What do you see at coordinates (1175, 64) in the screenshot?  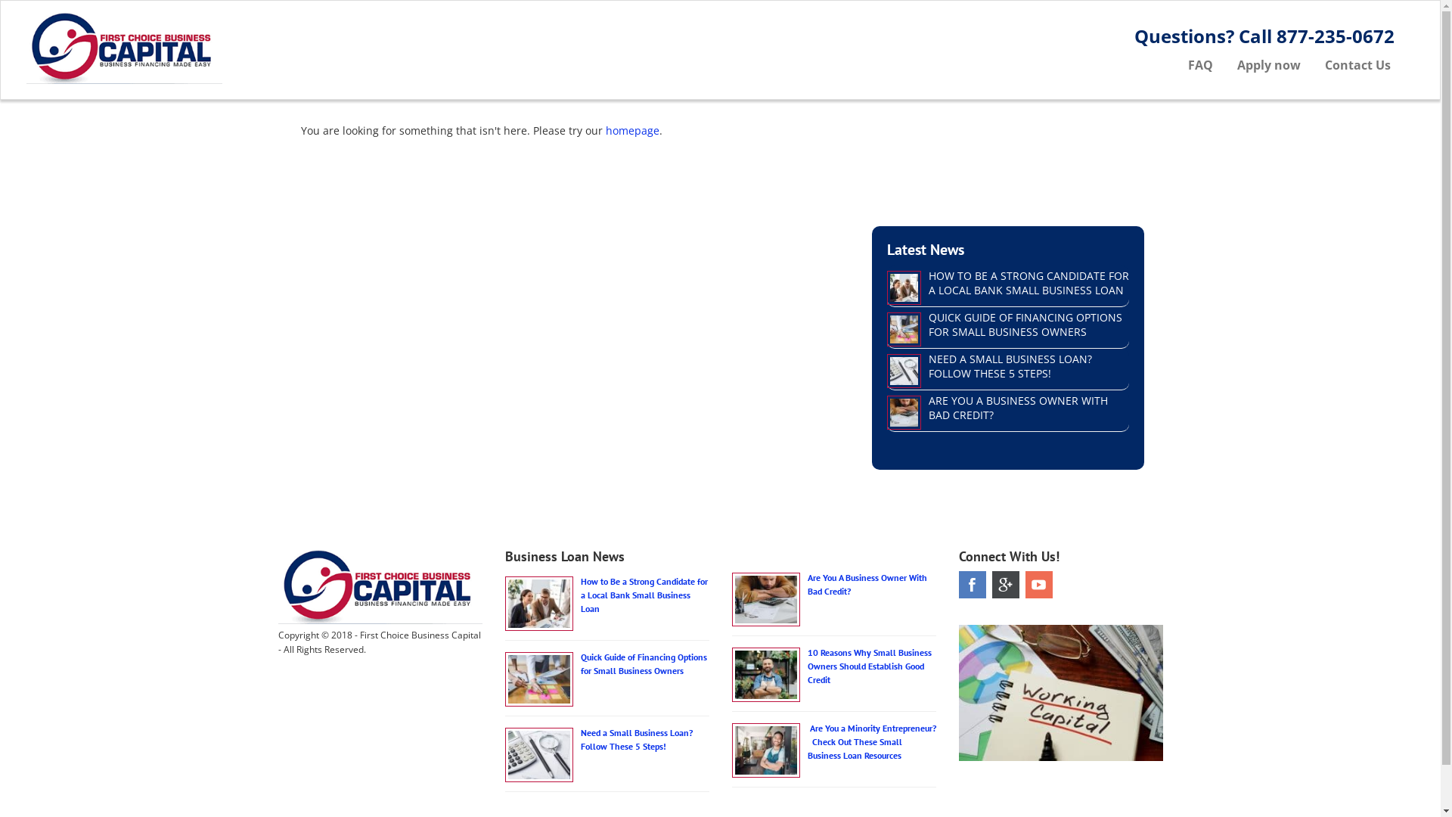 I see `'FAQ'` at bounding box center [1175, 64].